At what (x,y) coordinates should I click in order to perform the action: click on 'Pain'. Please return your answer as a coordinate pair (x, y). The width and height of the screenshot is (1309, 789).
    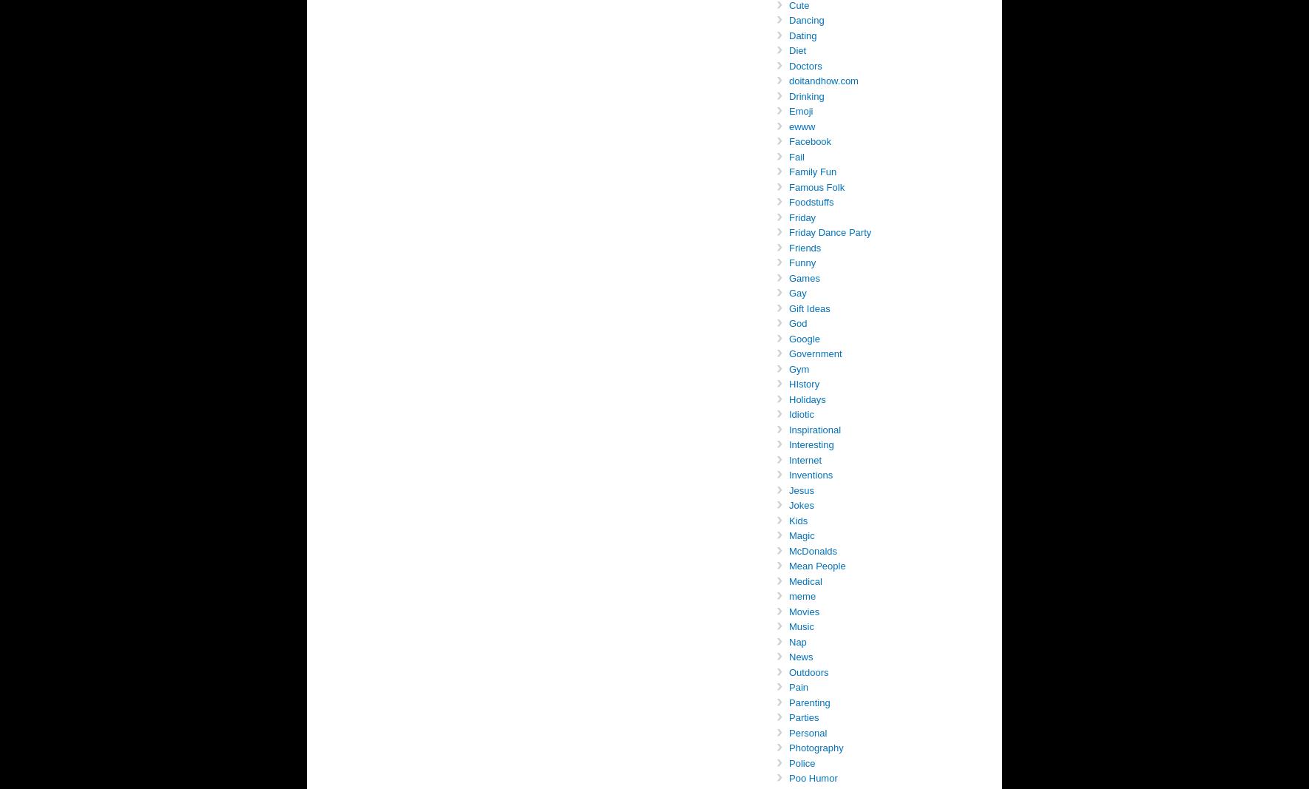
    Looking at the image, I should click on (799, 687).